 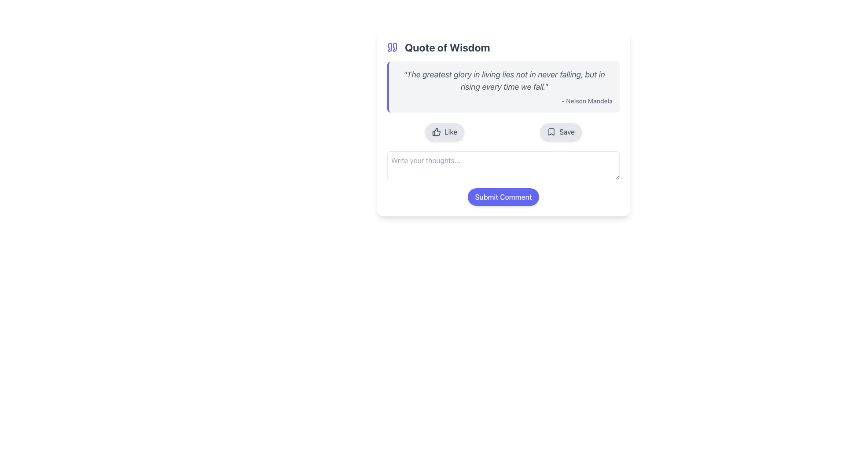 I want to click on the 'Like' button located under the 'Quote of Wisdom' section, so click(x=444, y=132).